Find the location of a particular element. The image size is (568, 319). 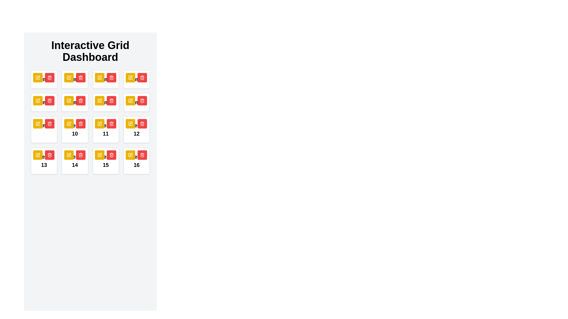

the static text label 'Item 14' located at the bottom of the fifth card in the fourth row of a 4 x 4 card layout is located at coordinates (75, 161).